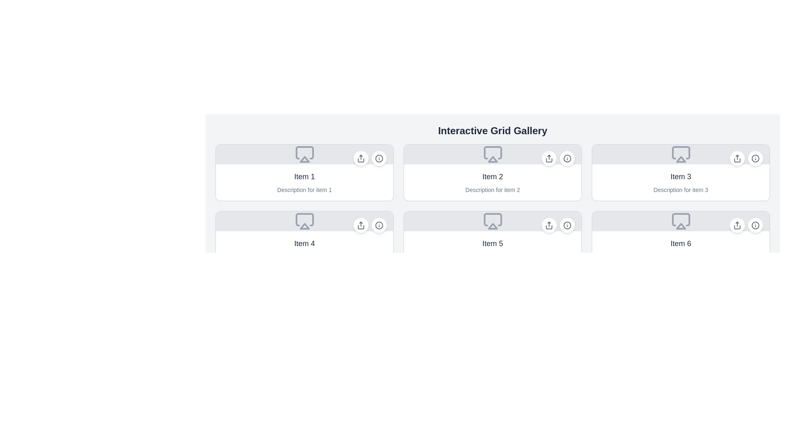  What do you see at coordinates (493, 221) in the screenshot?
I see `the Vector icon representing the AirPlay feature, which is part of the fifth item in the 'Interactive Grid Gallery' layout, positioned above the label 'Item 5'` at bounding box center [493, 221].